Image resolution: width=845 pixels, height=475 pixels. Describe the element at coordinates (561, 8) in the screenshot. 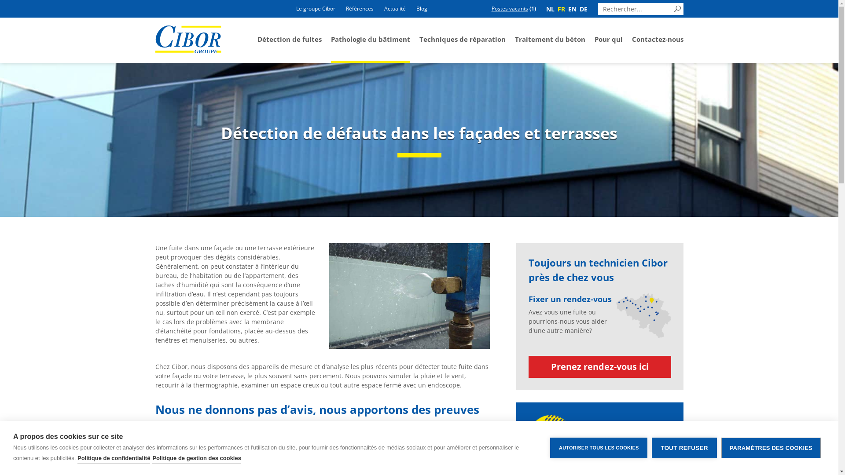

I see `'FR'` at that location.